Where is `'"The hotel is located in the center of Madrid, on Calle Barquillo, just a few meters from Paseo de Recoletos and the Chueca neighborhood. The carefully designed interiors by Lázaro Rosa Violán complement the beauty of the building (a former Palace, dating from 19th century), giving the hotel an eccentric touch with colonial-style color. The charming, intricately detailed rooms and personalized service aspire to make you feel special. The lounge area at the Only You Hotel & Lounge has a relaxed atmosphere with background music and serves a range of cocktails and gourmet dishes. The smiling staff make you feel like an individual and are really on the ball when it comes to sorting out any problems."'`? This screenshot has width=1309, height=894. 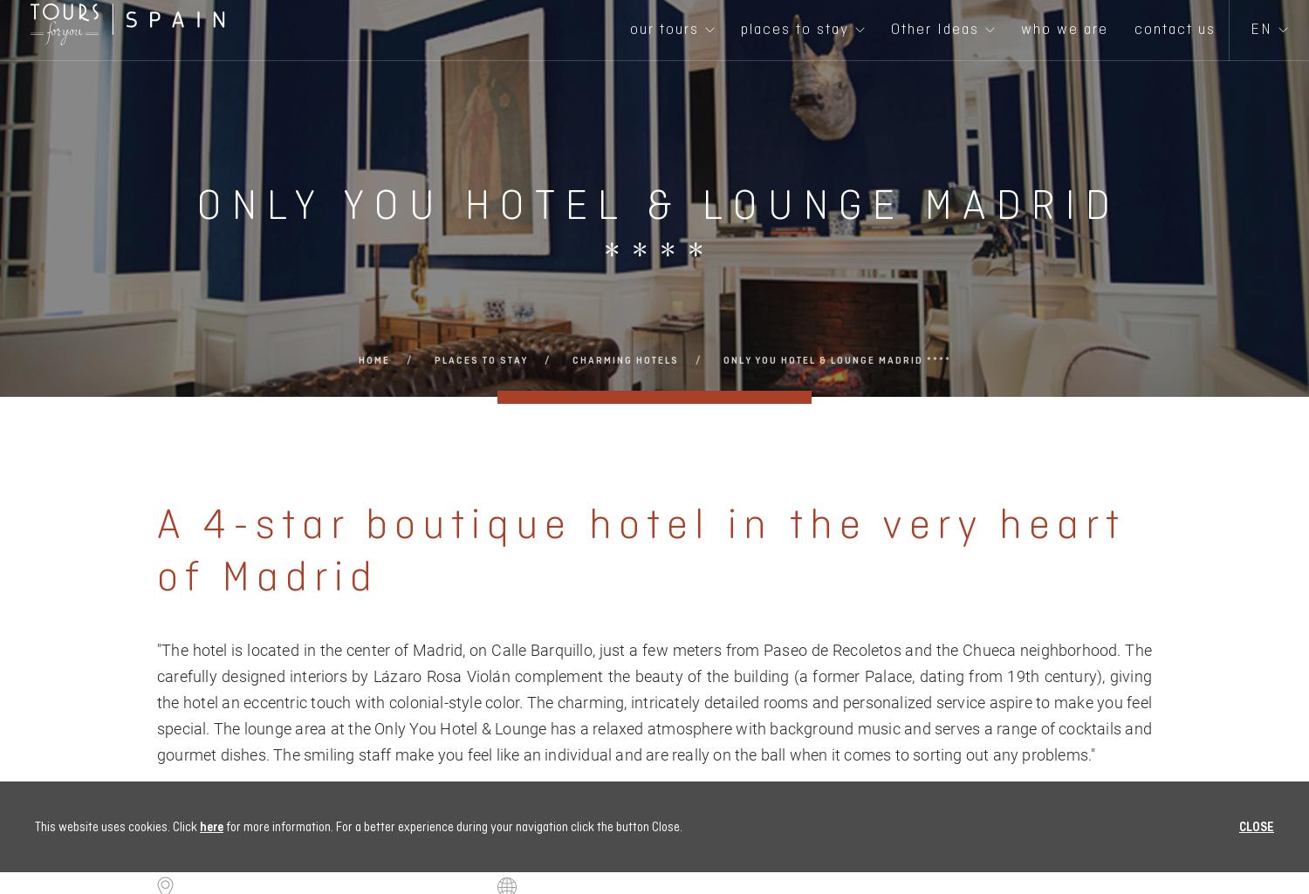 '"The hotel is located in the center of Madrid, on Calle Barquillo, just a few meters from Paseo de Recoletos and the Chueca neighborhood. The carefully designed interiors by Lázaro Rosa Violán complement the beauty of the building (a former Palace, dating from 19th century), giving the hotel an eccentric touch with colonial-style color. The charming, intricately detailed rooms and personalized service aspire to make you feel special. The lounge area at the Only You Hotel & Lounge has a relaxed atmosphere with background music and serves a range of cocktails and gourmet dishes. The smiling staff make you feel like an individual and are really on the ball when it comes to sorting out any problems."' is located at coordinates (654, 701).